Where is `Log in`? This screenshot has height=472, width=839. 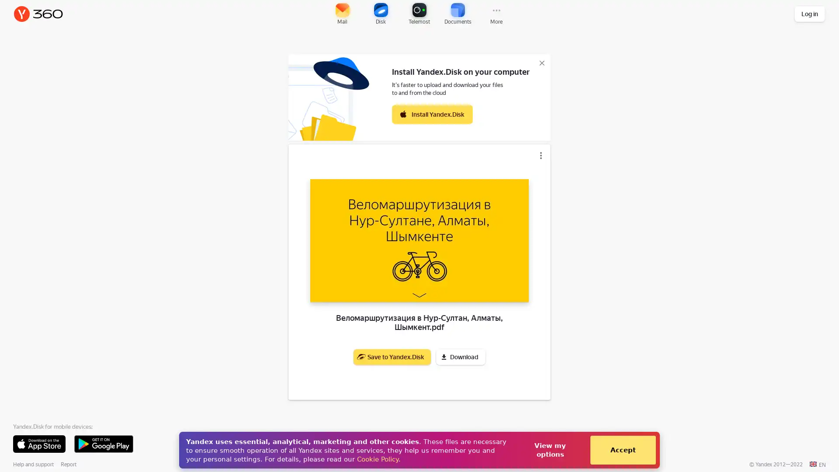
Log in is located at coordinates (809, 14).